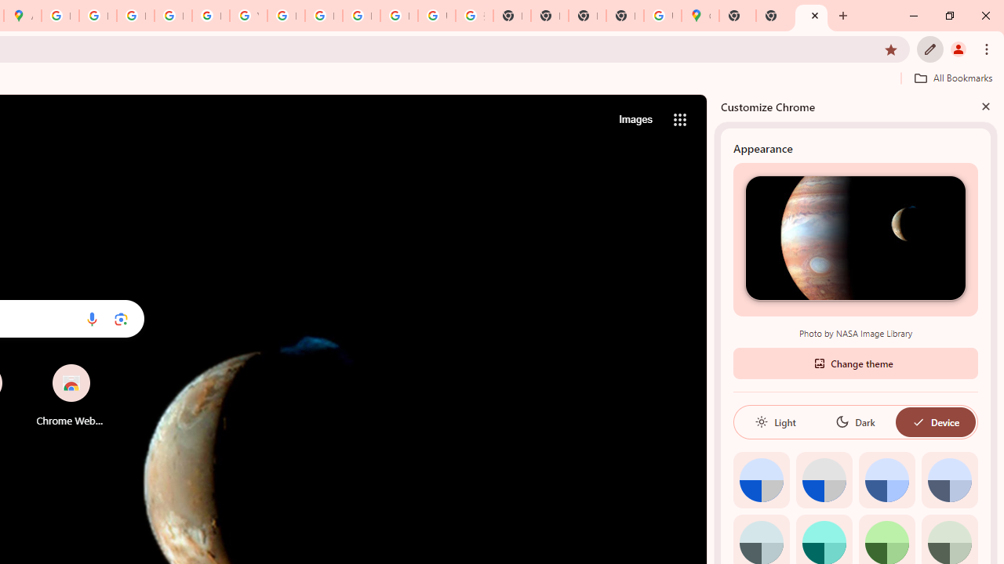 The height and width of the screenshot is (564, 1004). What do you see at coordinates (854, 237) in the screenshot?
I see `'Photo by NASA Image Library'` at bounding box center [854, 237].